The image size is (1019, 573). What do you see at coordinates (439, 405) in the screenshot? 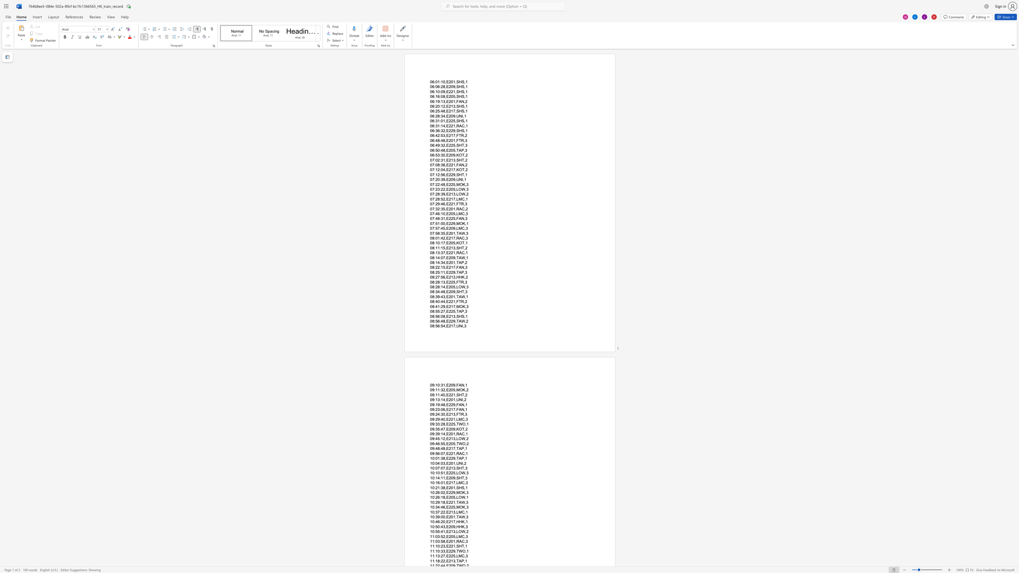
I see `the subset text ":48,E2" within the text "09:19:48,E229,FAN,1"` at bounding box center [439, 405].